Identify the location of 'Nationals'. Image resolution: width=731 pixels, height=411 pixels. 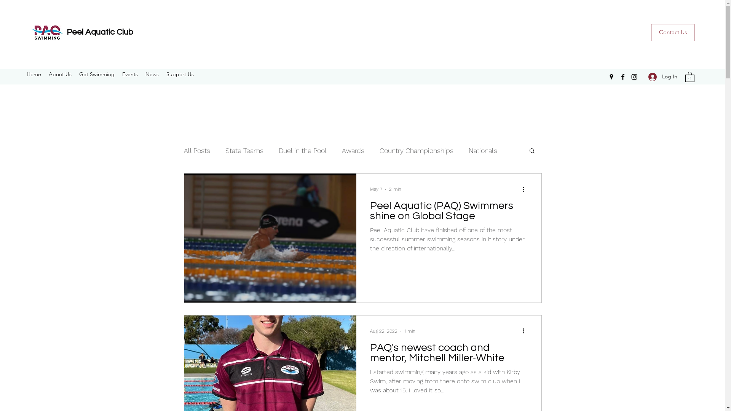
(482, 150).